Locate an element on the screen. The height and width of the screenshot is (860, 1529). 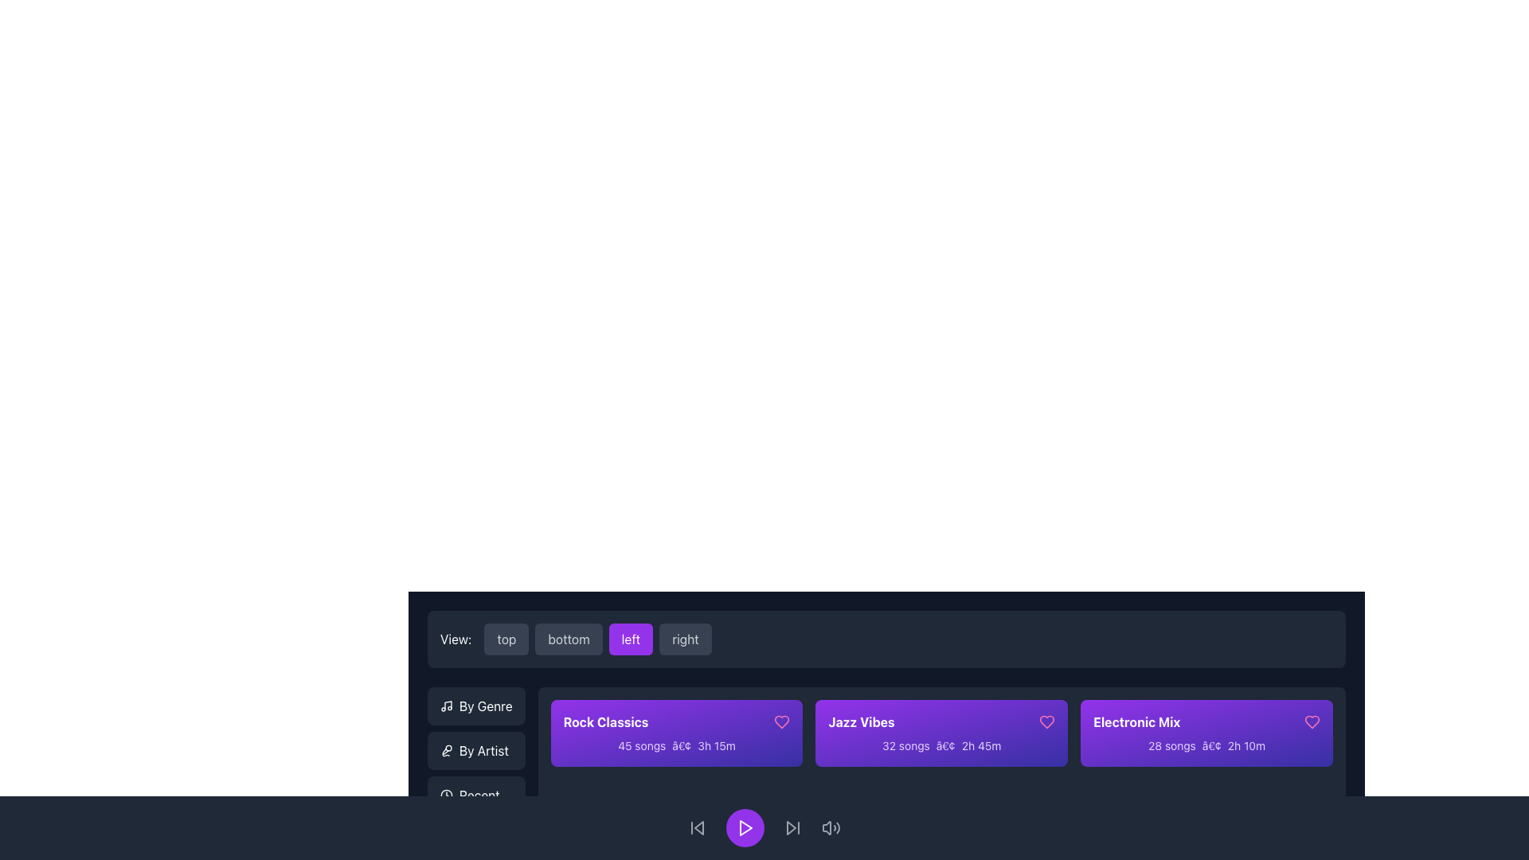
the dot symbol ('•') located between '45 songs' and '3h 15m' within the lower section of the purple card is located at coordinates (682, 745).